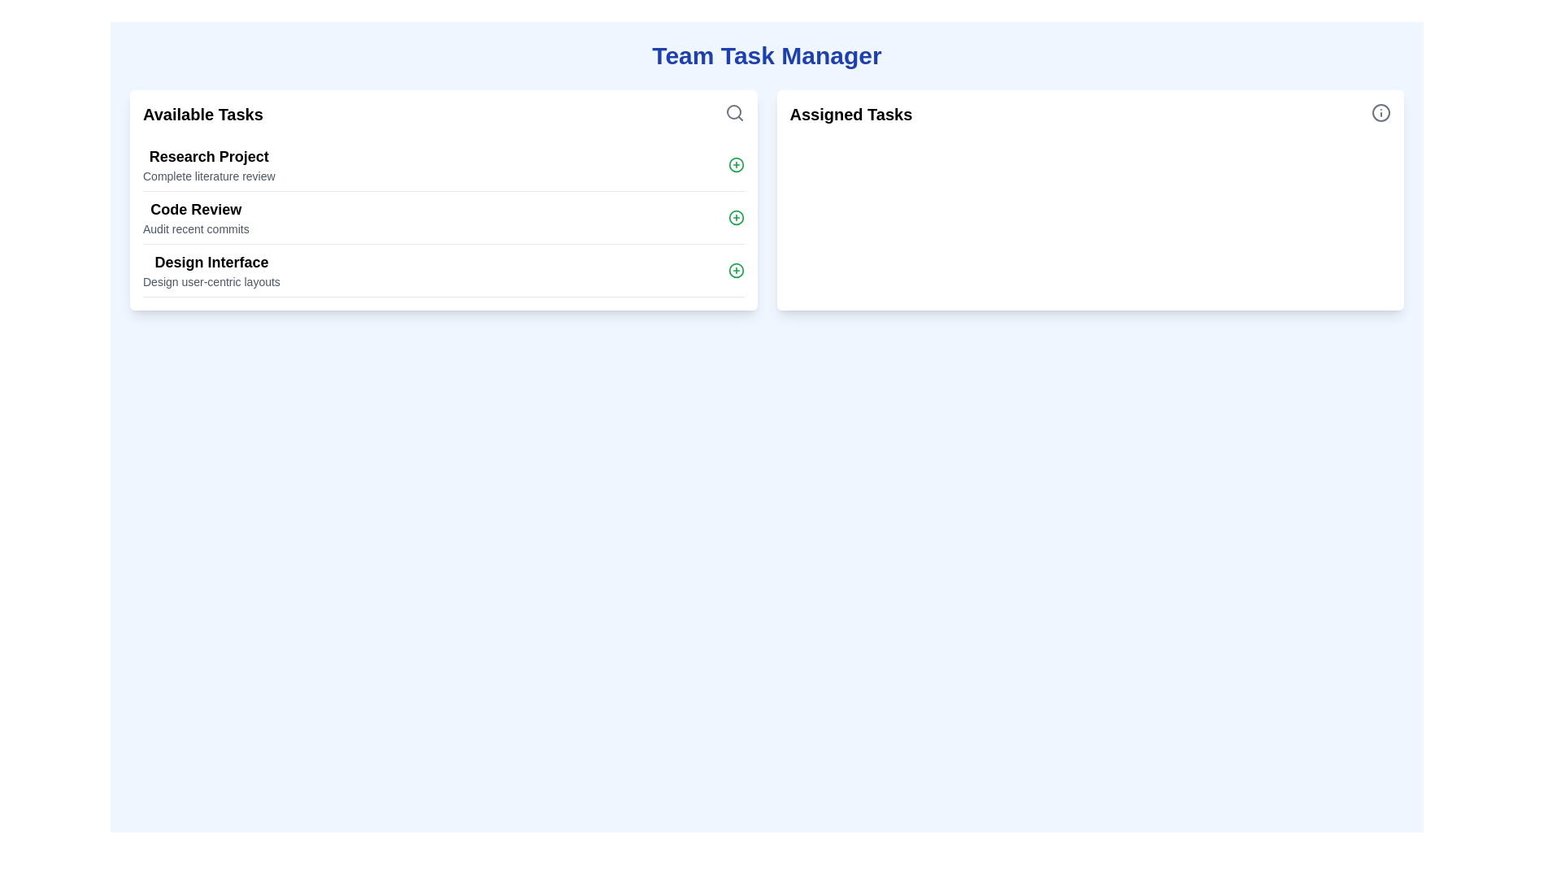 This screenshot has height=878, width=1561. I want to click on details of the task represented by the text label group for 'Research Project' located at the top of the 'Available Tasks' section, so click(208, 165).